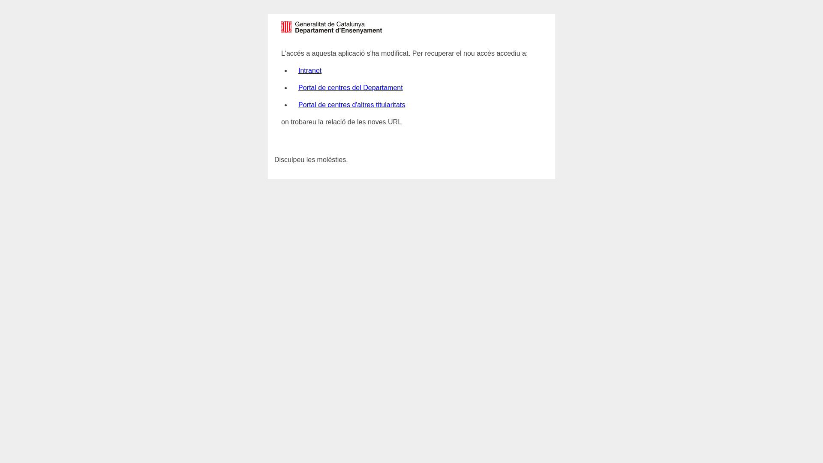  Describe the element at coordinates (309, 70) in the screenshot. I see `'Intranet'` at that location.